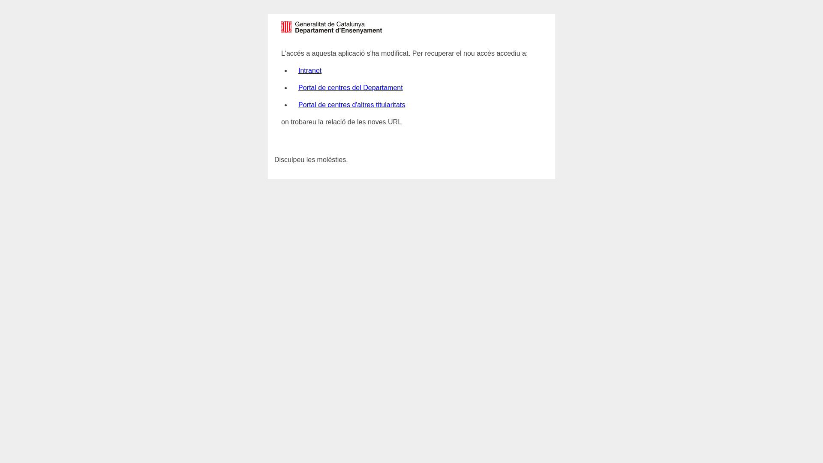  Describe the element at coordinates (309, 70) in the screenshot. I see `'Intranet'` at that location.